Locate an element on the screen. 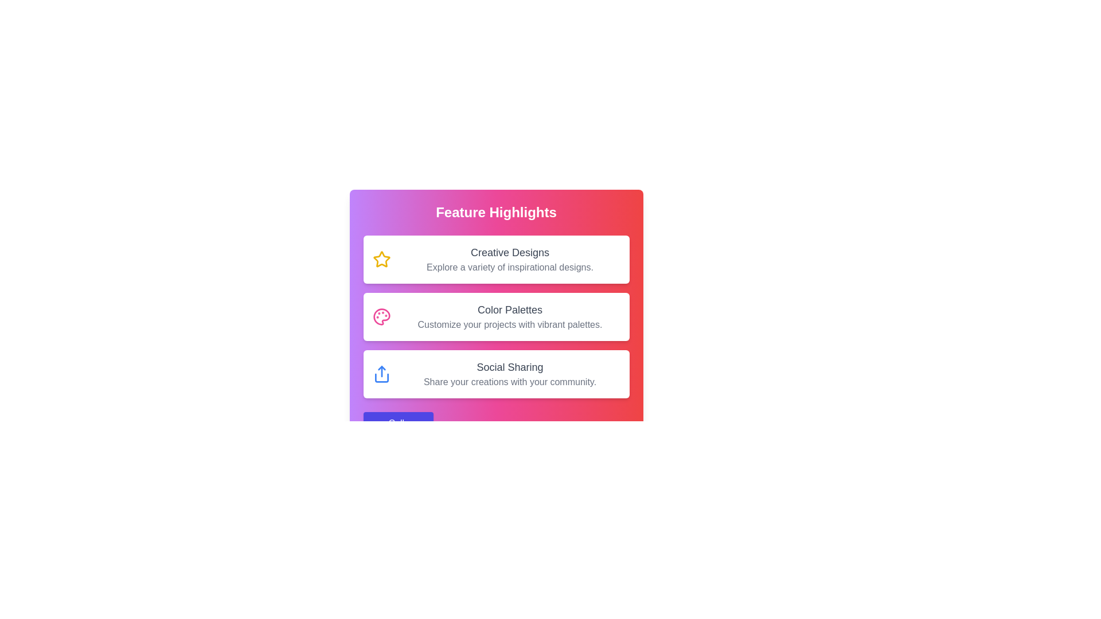  the list of informational cards located beneath the 'Feature Highlights' title header is located at coordinates (496, 316).